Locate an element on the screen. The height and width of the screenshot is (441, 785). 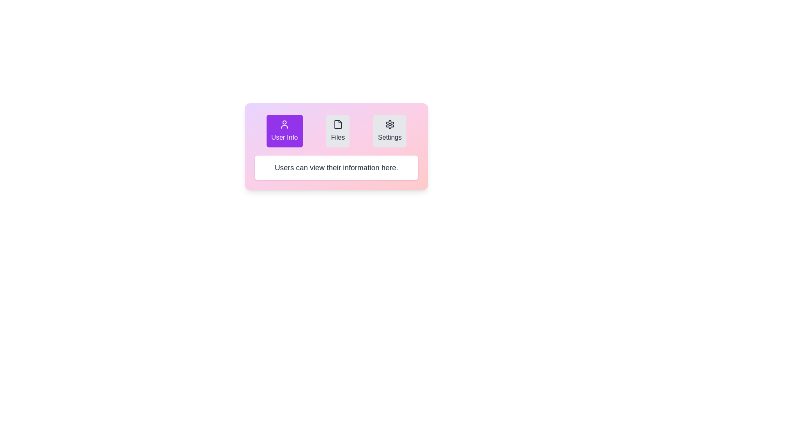
the central file/document icon located between the 'User Info' icon and the 'Settings' icon is located at coordinates (338, 124).